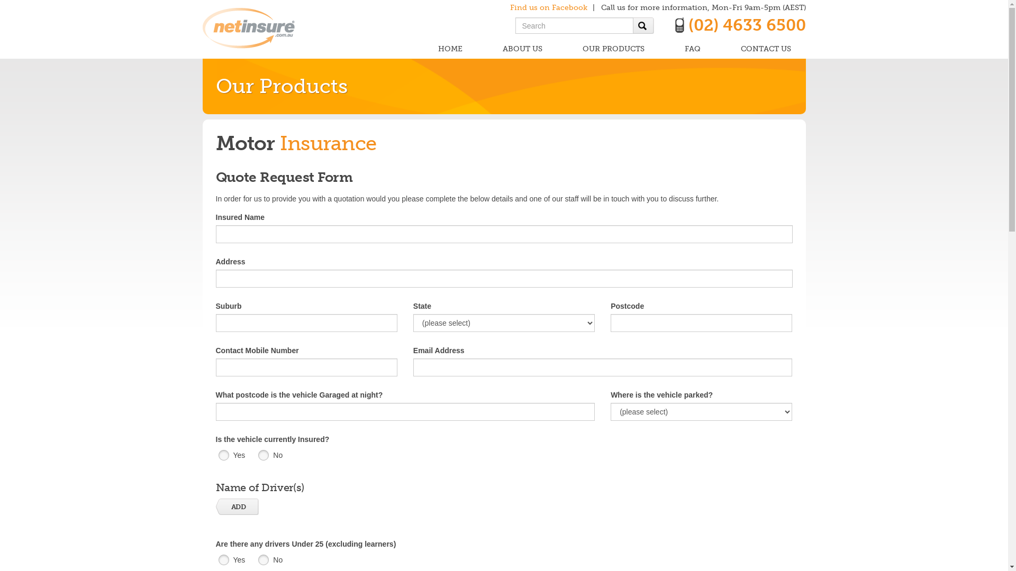 Image resolution: width=1016 pixels, height=571 pixels. Describe the element at coordinates (693, 49) in the screenshot. I see `'FAQ'` at that location.